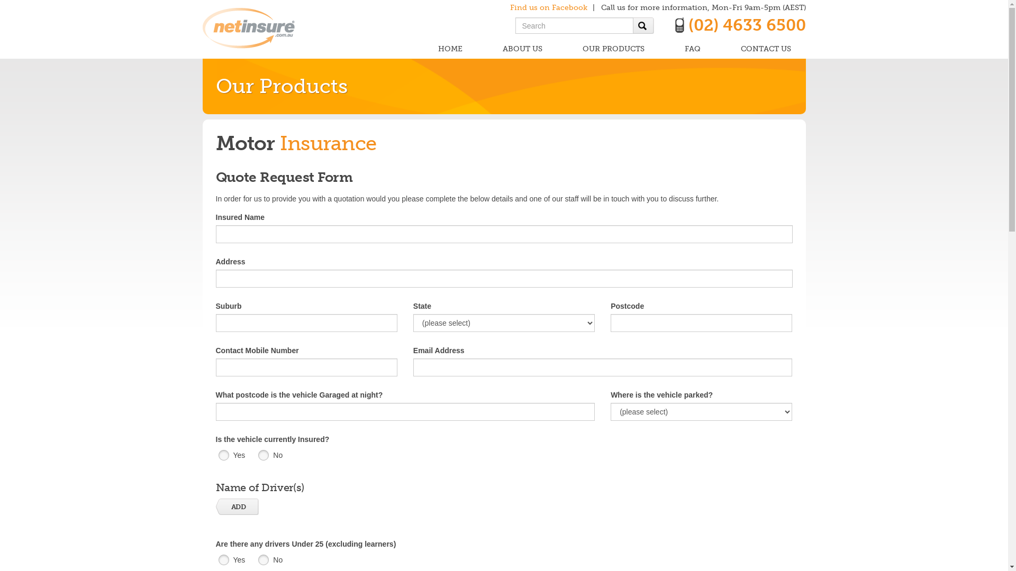 Image resolution: width=1016 pixels, height=571 pixels. Describe the element at coordinates (693, 49) in the screenshot. I see `'FAQ'` at that location.